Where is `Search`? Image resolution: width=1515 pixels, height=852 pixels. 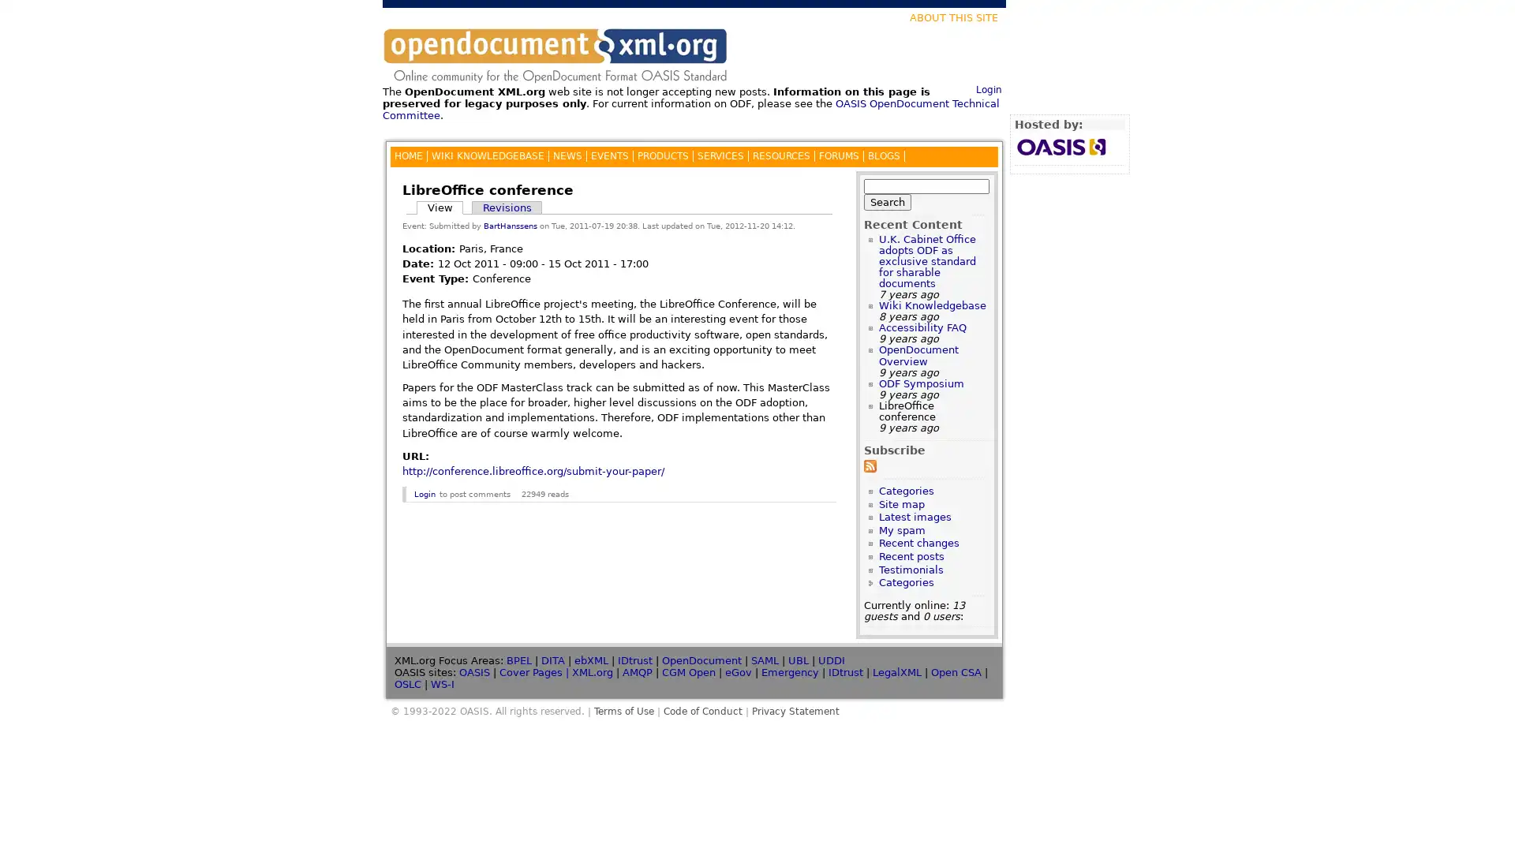
Search is located at coordinates (887, 200).